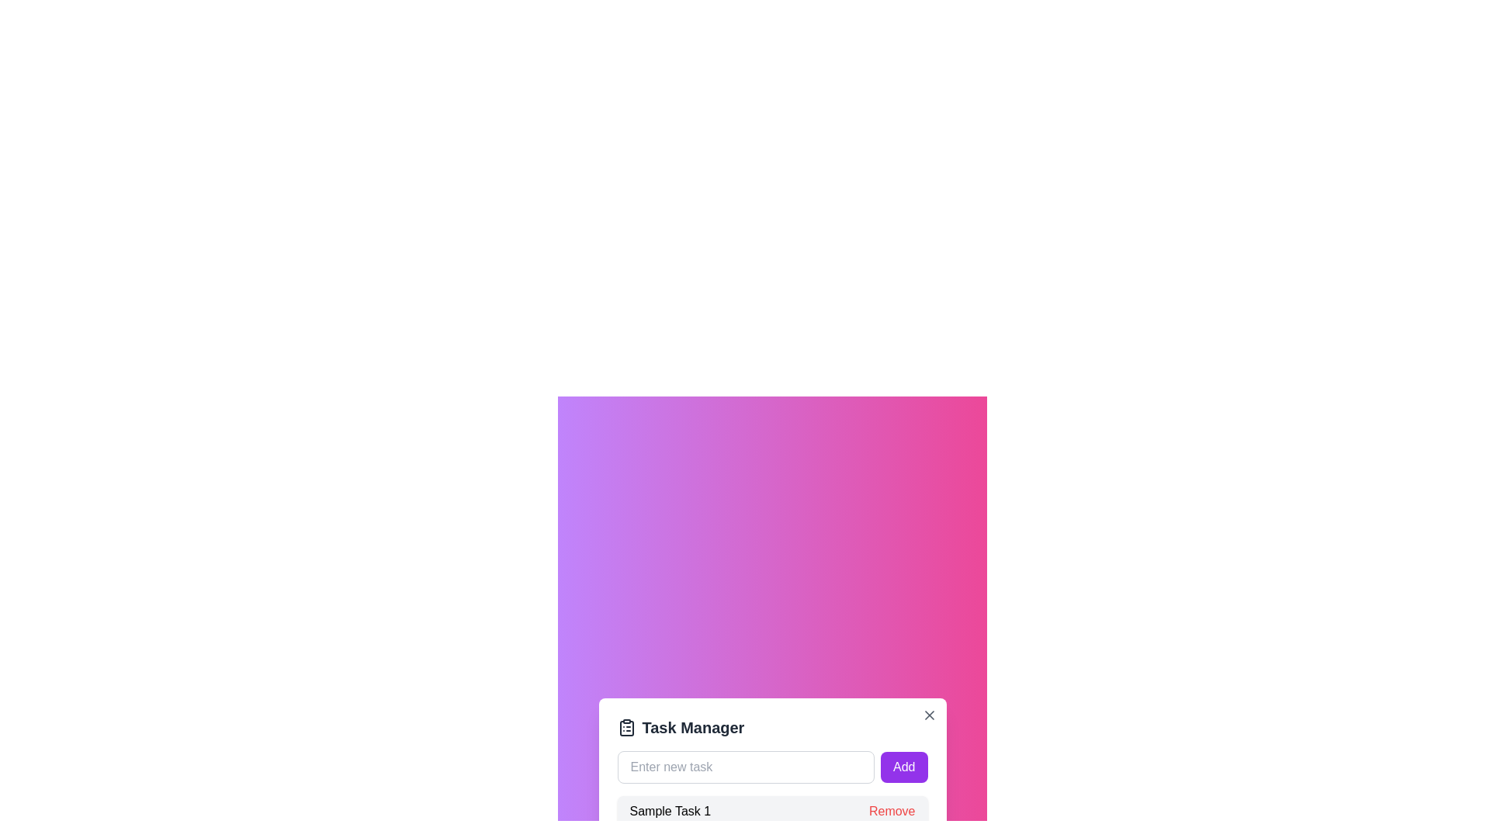  What do you see at coordinates (626, 727) in the screenshot?
I see `the task management icon located to the immediate left of the 'Task Manager' heading in the header section of the task management widget` at bounding box center [626, 727].